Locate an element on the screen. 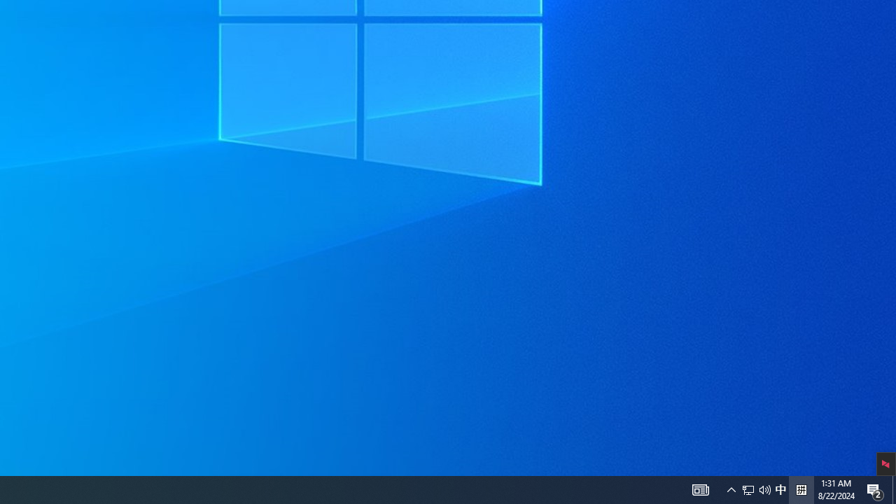 This screenshot has width=896, height=504. 'Show desktop' is located at coordinates (893, 489).